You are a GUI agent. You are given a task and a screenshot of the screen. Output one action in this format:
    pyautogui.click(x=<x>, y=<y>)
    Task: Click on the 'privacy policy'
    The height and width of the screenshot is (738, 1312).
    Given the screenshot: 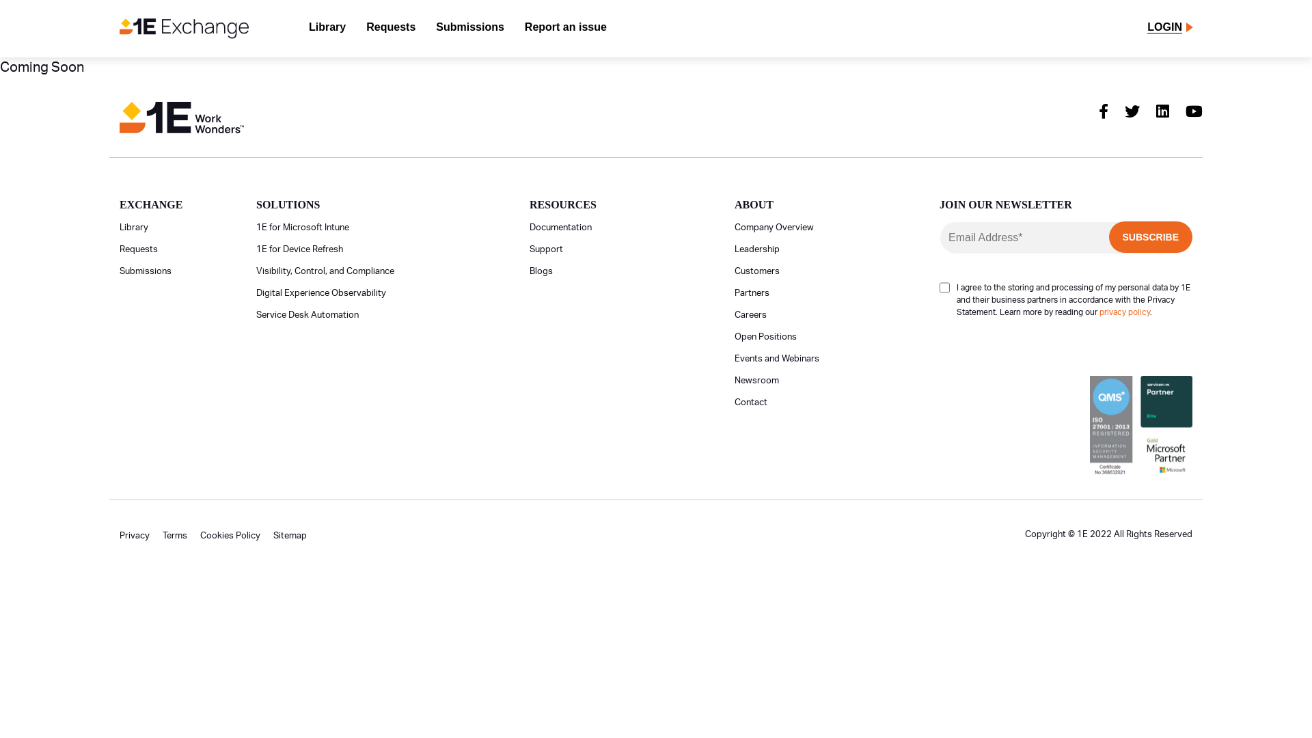 What is the action you would take?
    pyautogui.click(x=1125, y=312)
    